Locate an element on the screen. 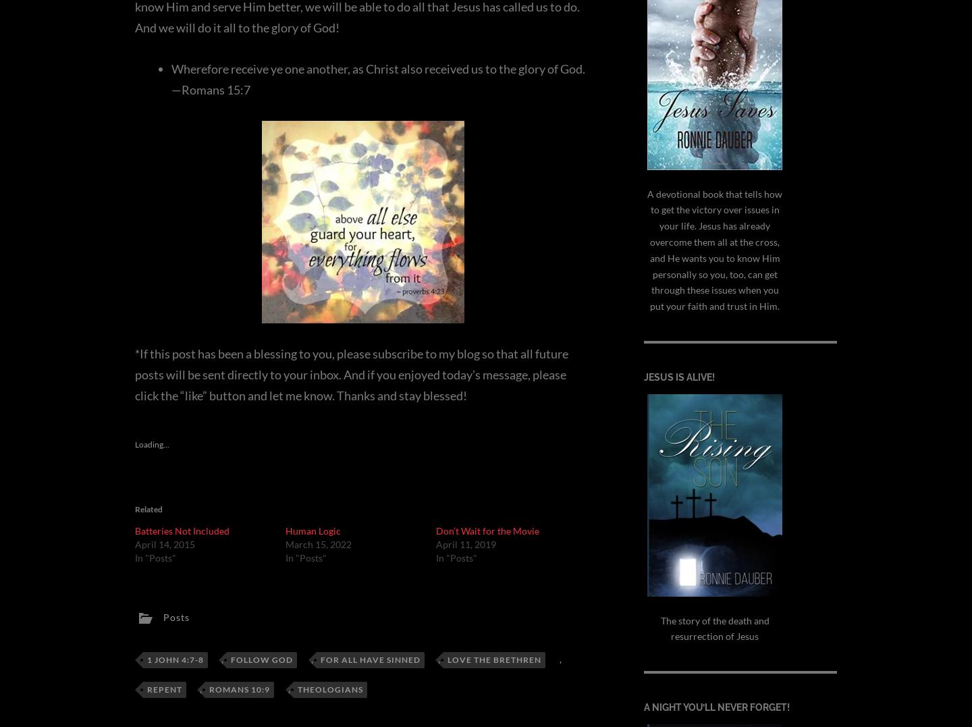 The height and width of the screenshot is (727, 972). 'Wherefore receive ye one another, as Christ also received us to the glory of God.—Romans 15:7' is located at coordinates (378, 78).